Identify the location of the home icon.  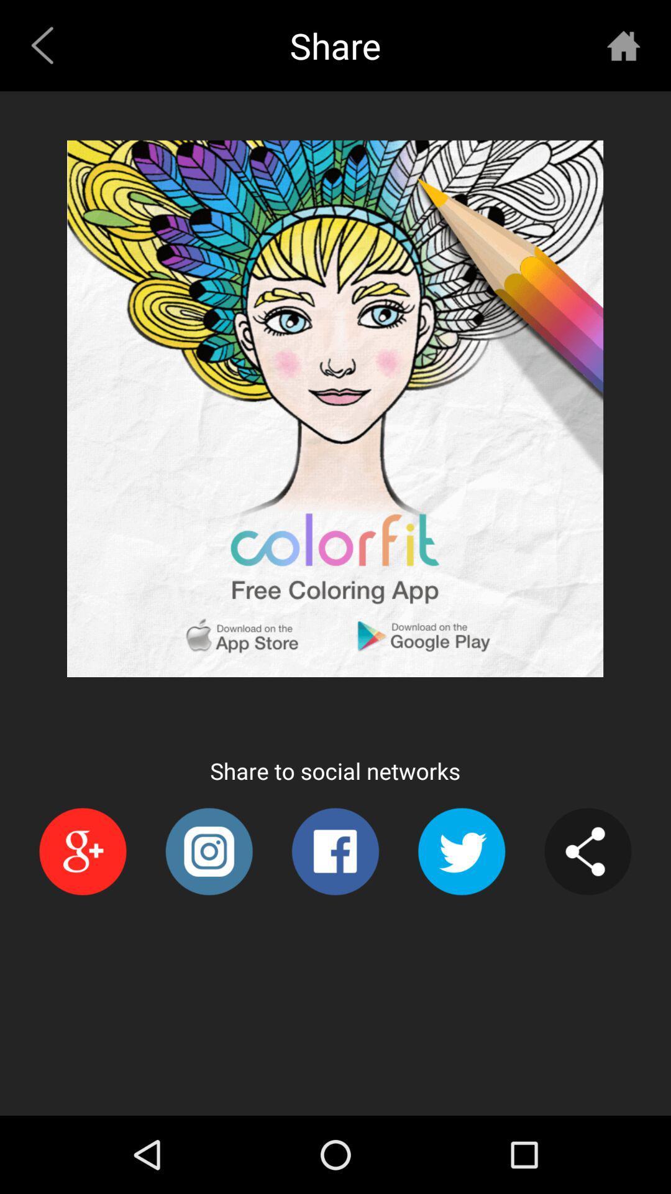
(623, 49).